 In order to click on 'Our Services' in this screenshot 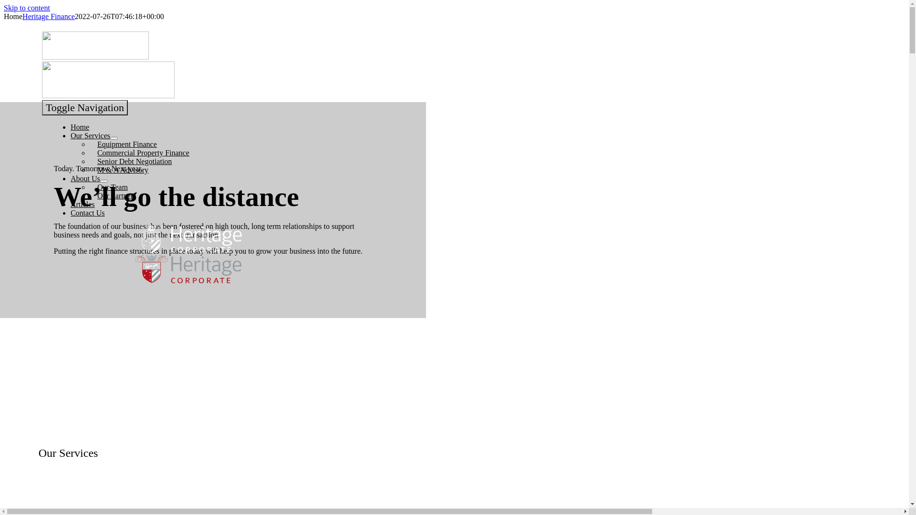, I will do `click(90, 135)`.